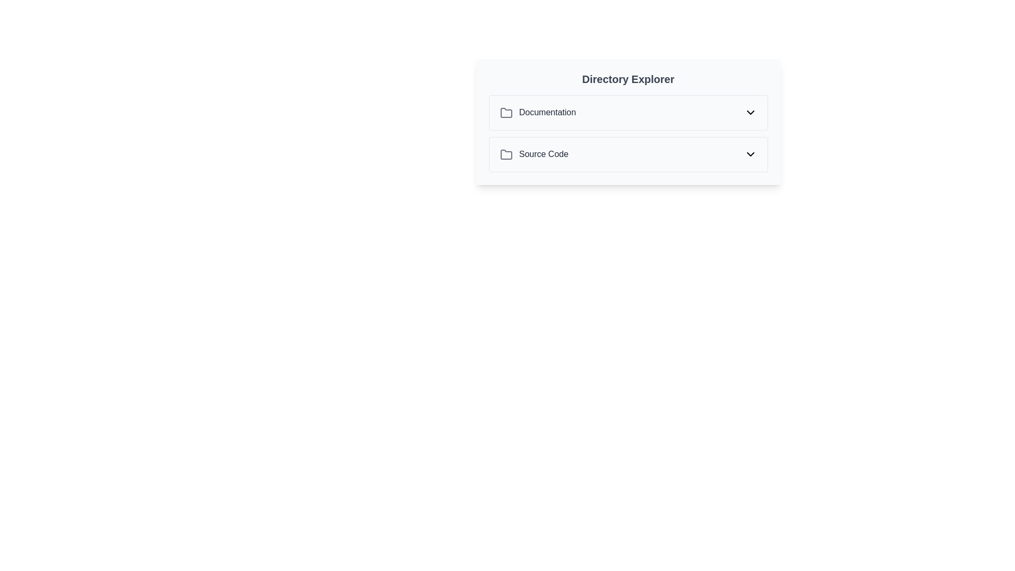  Describe the element at coordinates (628, 113) in the screenshot. I see `the arrow of the first expandable list item labeled 'Documentation' in the Directory Explorer` at that location.